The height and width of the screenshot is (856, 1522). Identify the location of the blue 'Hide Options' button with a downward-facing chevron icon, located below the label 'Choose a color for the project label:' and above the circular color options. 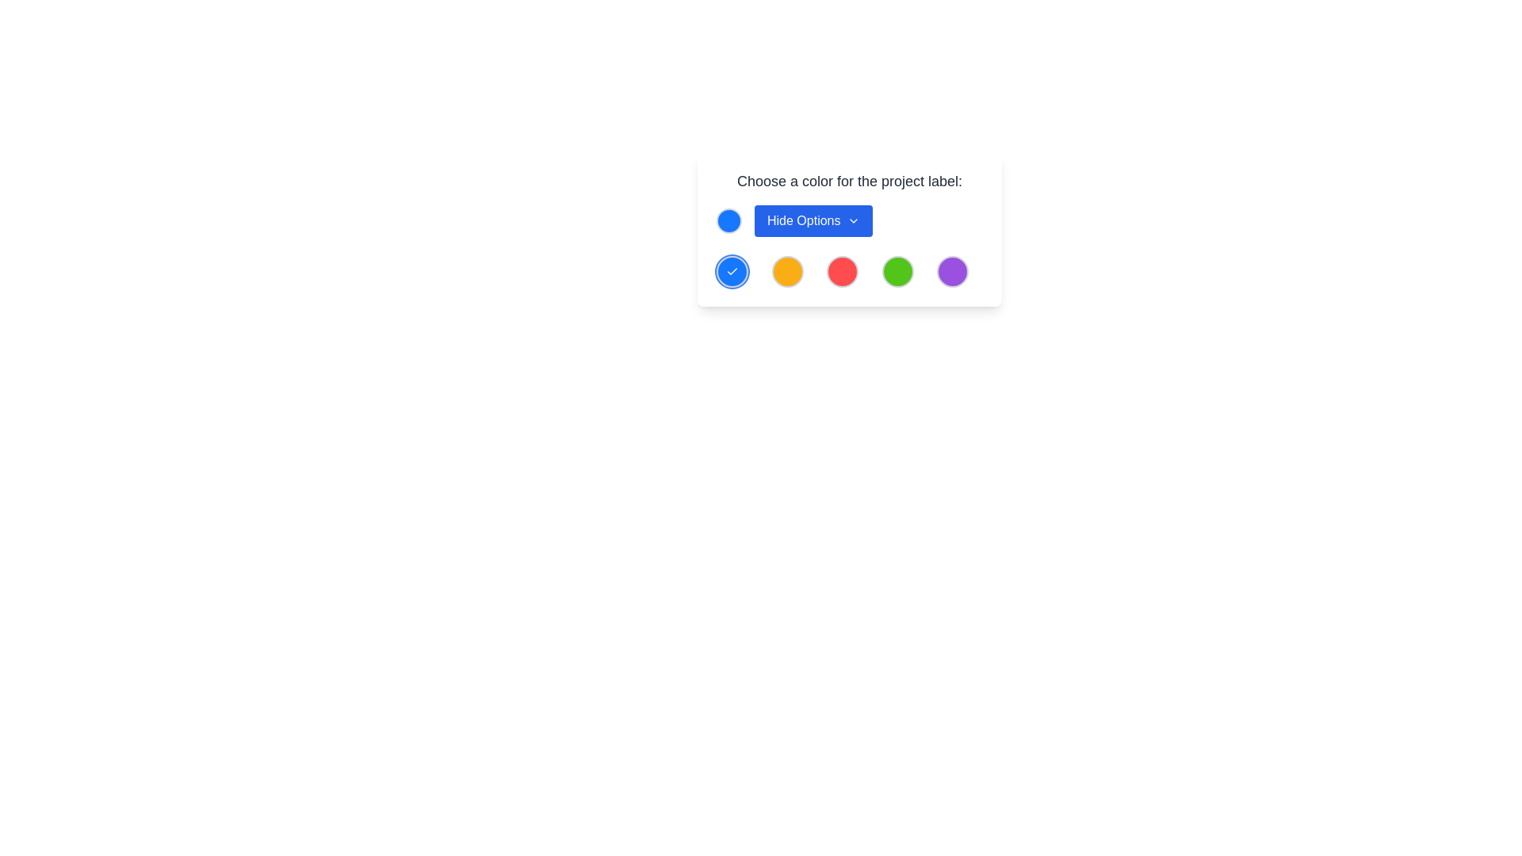
(848, 220).